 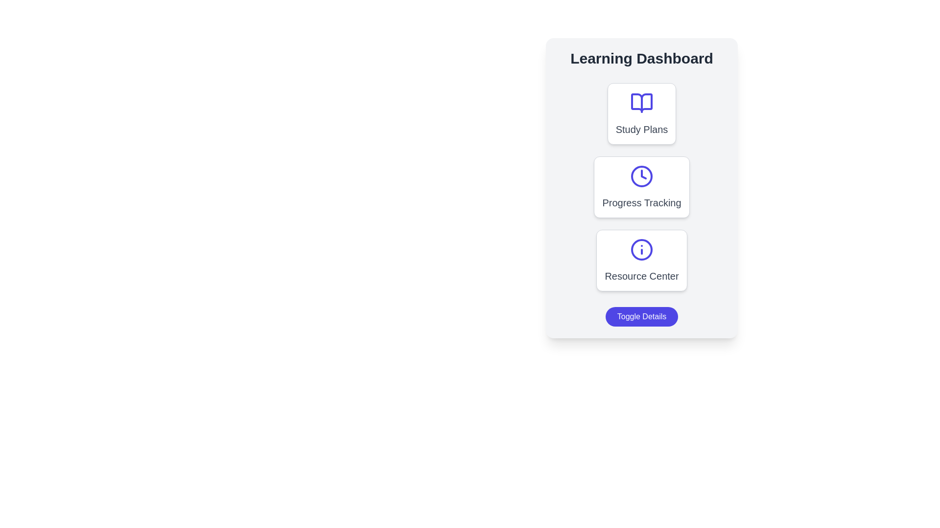 What do you see at coordinates (641, 176) in the screenshot?
I see `keyboard navigation` at bounding box center [641, 176].